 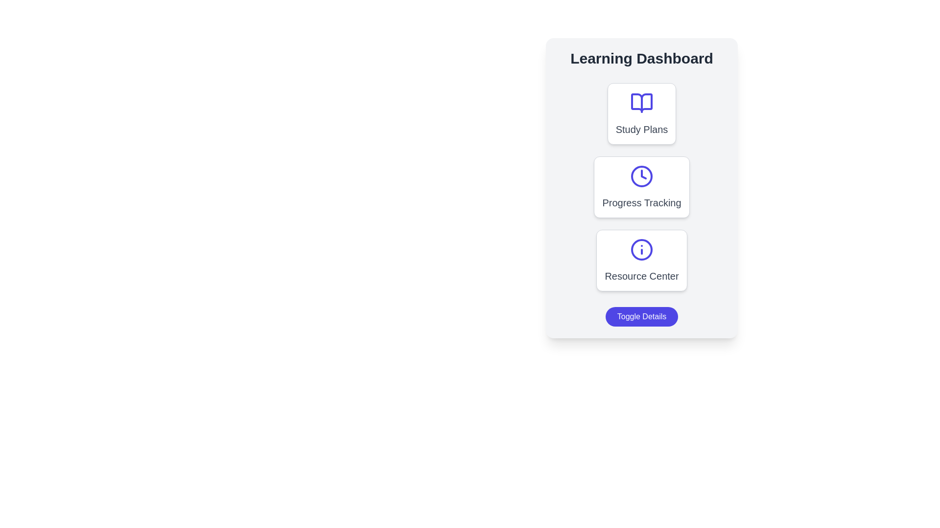 What do you see at coordinates (641, 176) in the screenshot?
I see `keyboard navigation` at bounding box center [641, 176].